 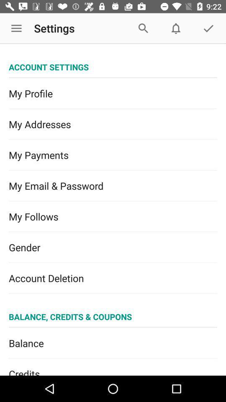 I want to click on app next to the settings icon, so click(x=16, y=28).